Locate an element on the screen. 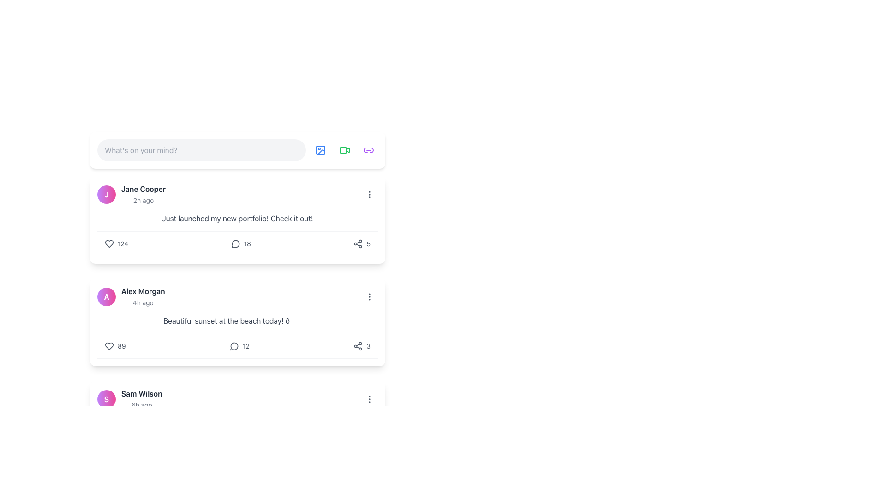 This screenshot has height=498, width=886. the button in the toolbar located at the end of the 'What's on your mind?' input field is located at coordinates (321, 150).